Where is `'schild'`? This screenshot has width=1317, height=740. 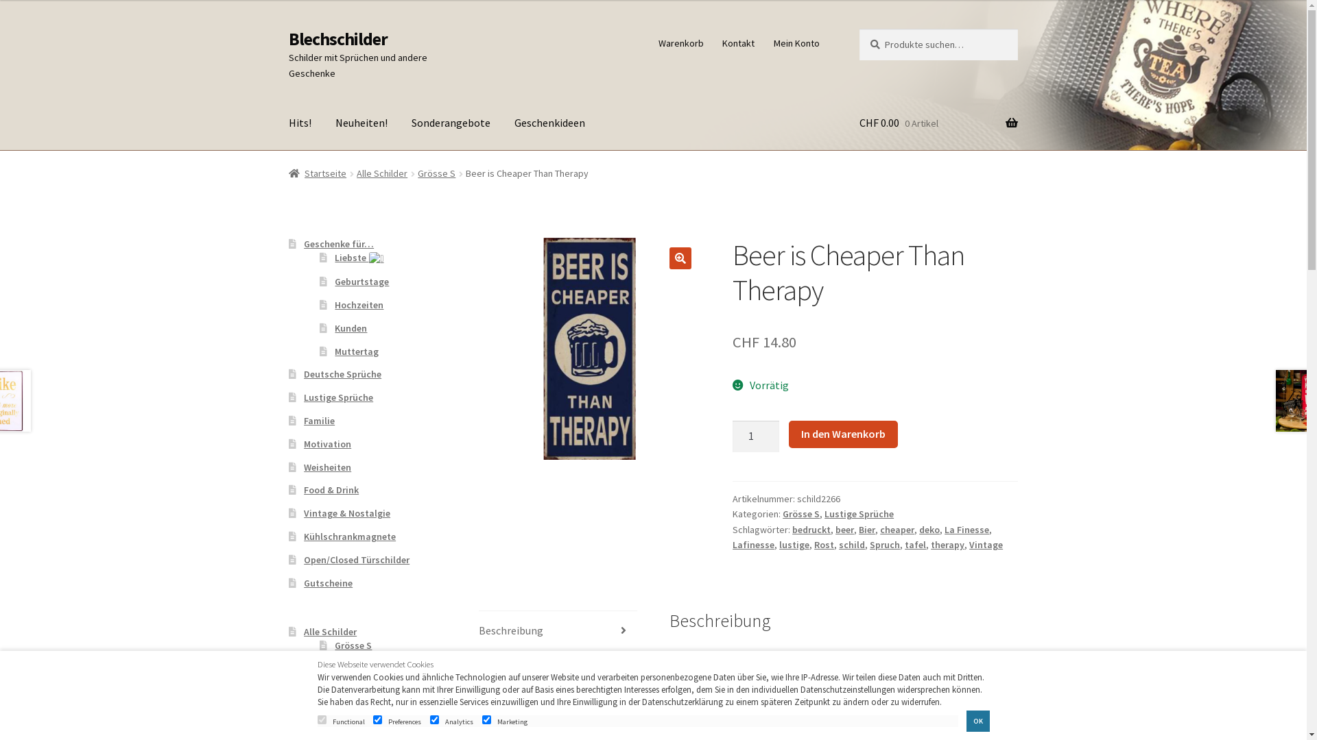
'schild' is located at coordinates (851, 543).